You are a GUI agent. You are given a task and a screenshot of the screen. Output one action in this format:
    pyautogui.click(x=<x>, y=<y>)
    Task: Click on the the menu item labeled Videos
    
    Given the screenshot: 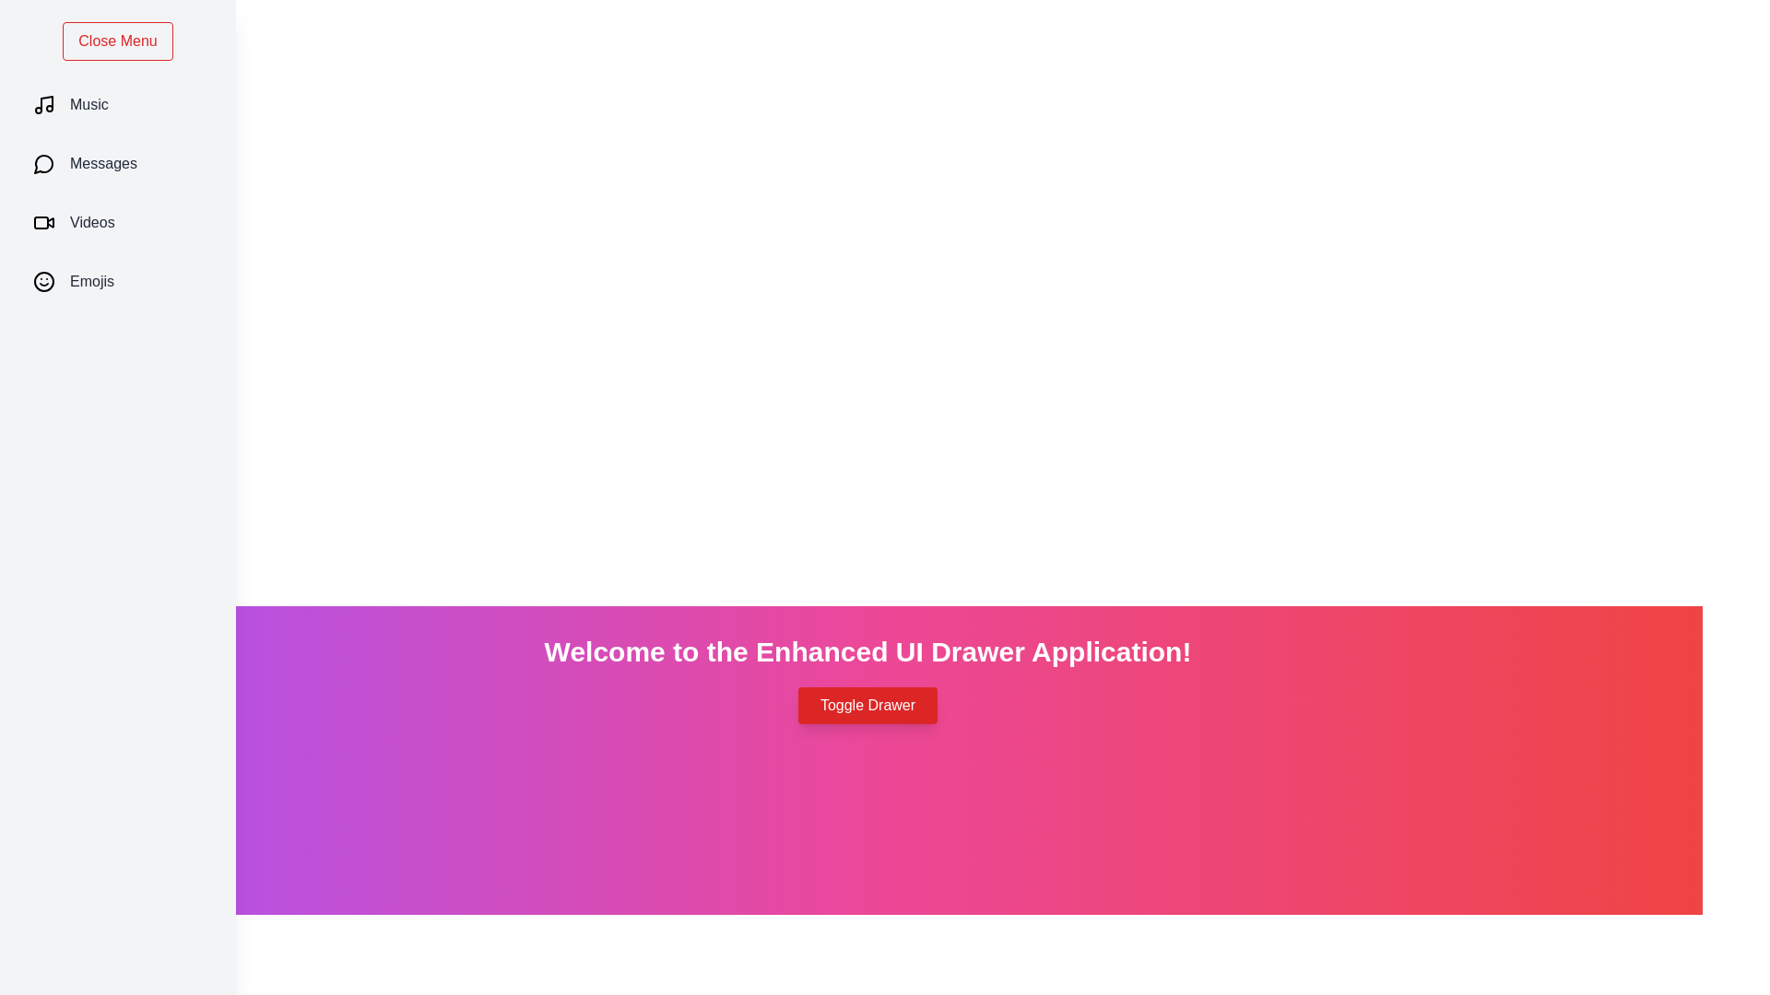 What is the action you would take?
    pyautogui.click(x=117, y=222)
    